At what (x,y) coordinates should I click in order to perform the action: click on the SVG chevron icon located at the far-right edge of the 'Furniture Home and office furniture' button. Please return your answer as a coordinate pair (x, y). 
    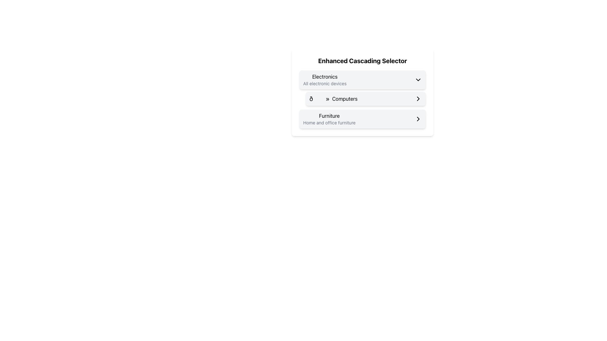
    Looking at the image, I should click on (418, 119).